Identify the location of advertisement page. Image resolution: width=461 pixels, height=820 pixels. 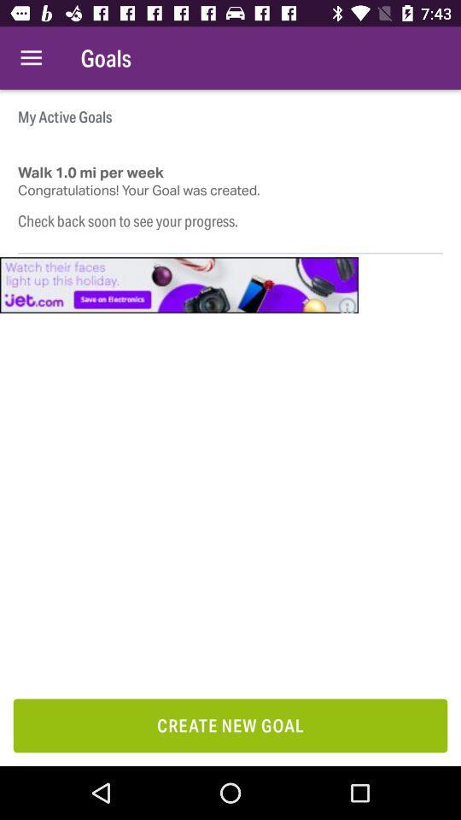
(178, 284).